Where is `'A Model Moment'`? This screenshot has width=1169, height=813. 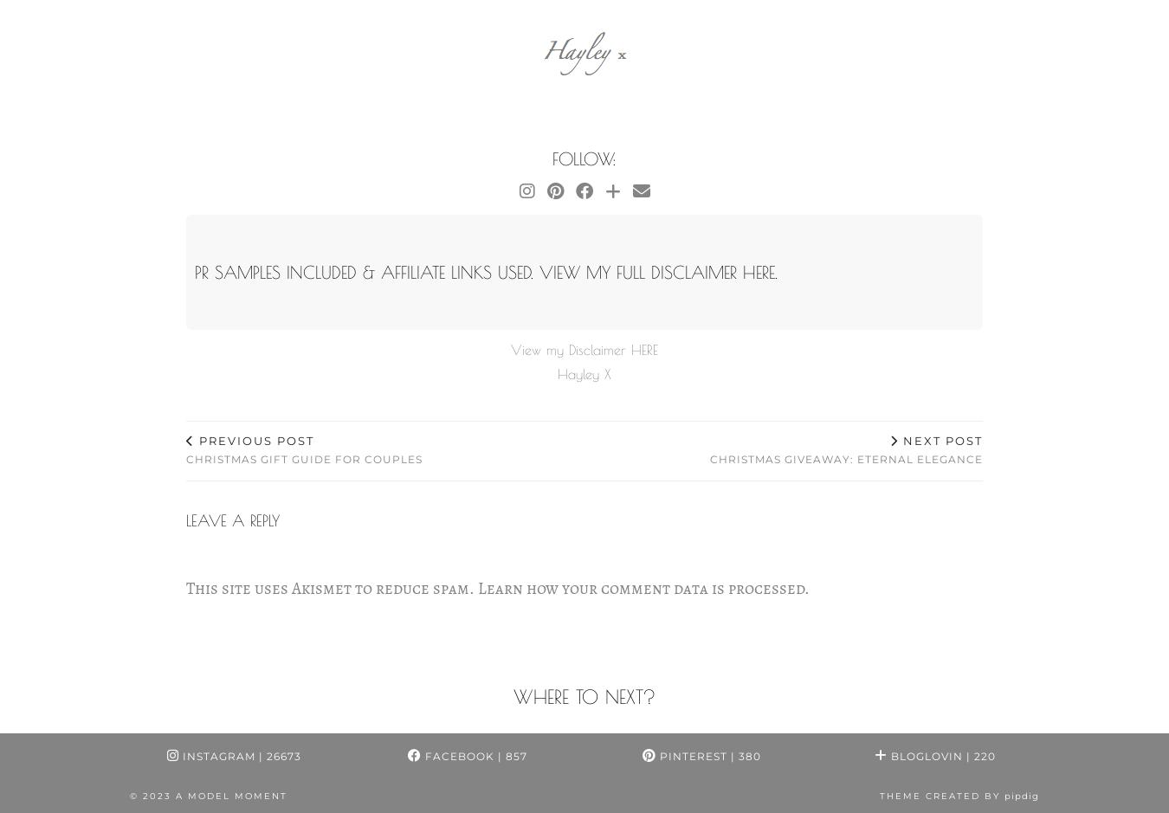
'A Model Moment' is located at coordinates (230, 794).